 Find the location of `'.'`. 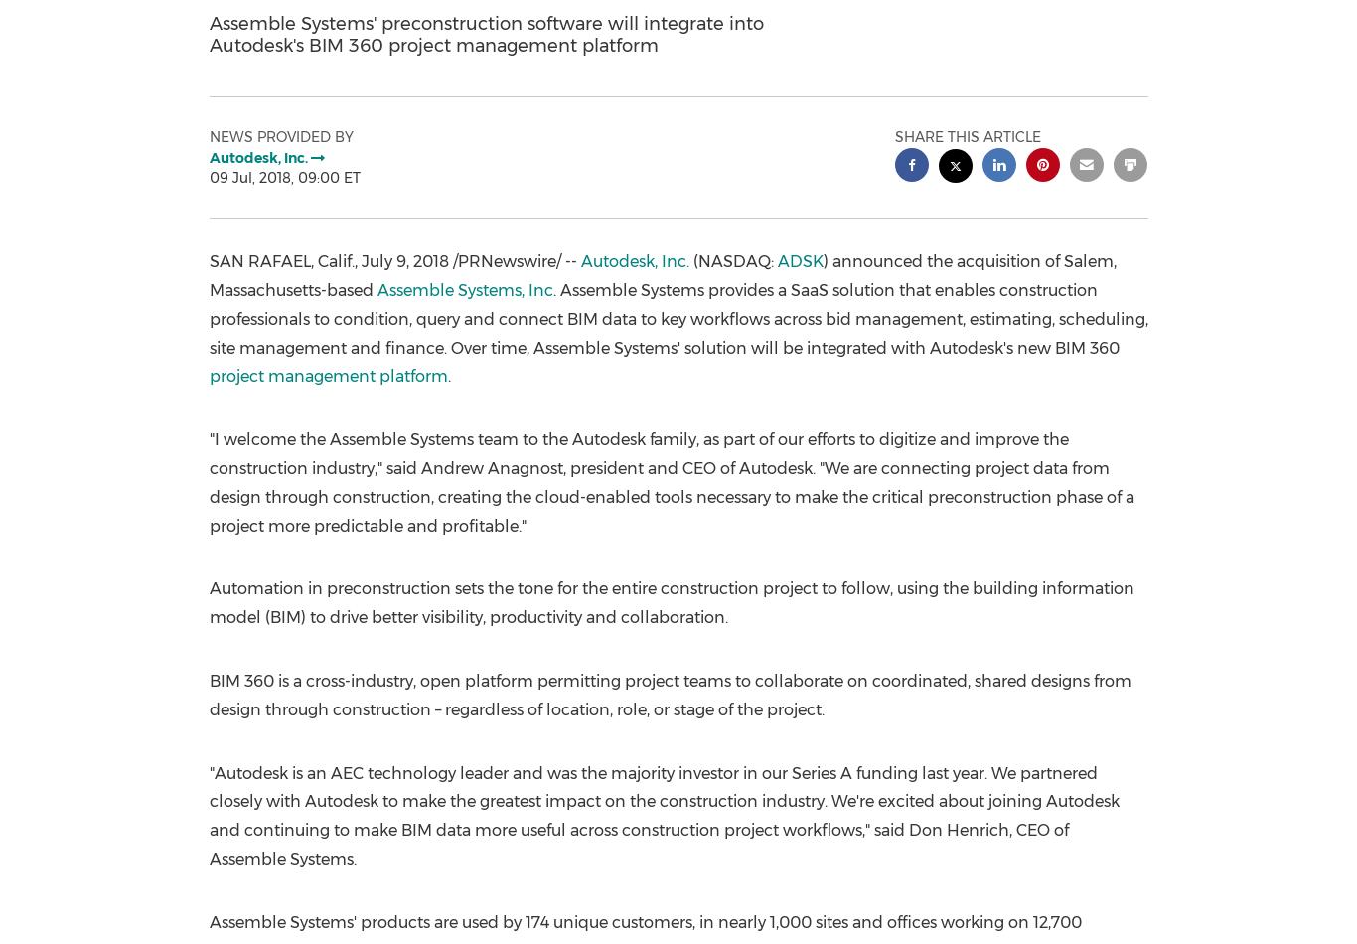

'.' is located at coordinates (447, 375).